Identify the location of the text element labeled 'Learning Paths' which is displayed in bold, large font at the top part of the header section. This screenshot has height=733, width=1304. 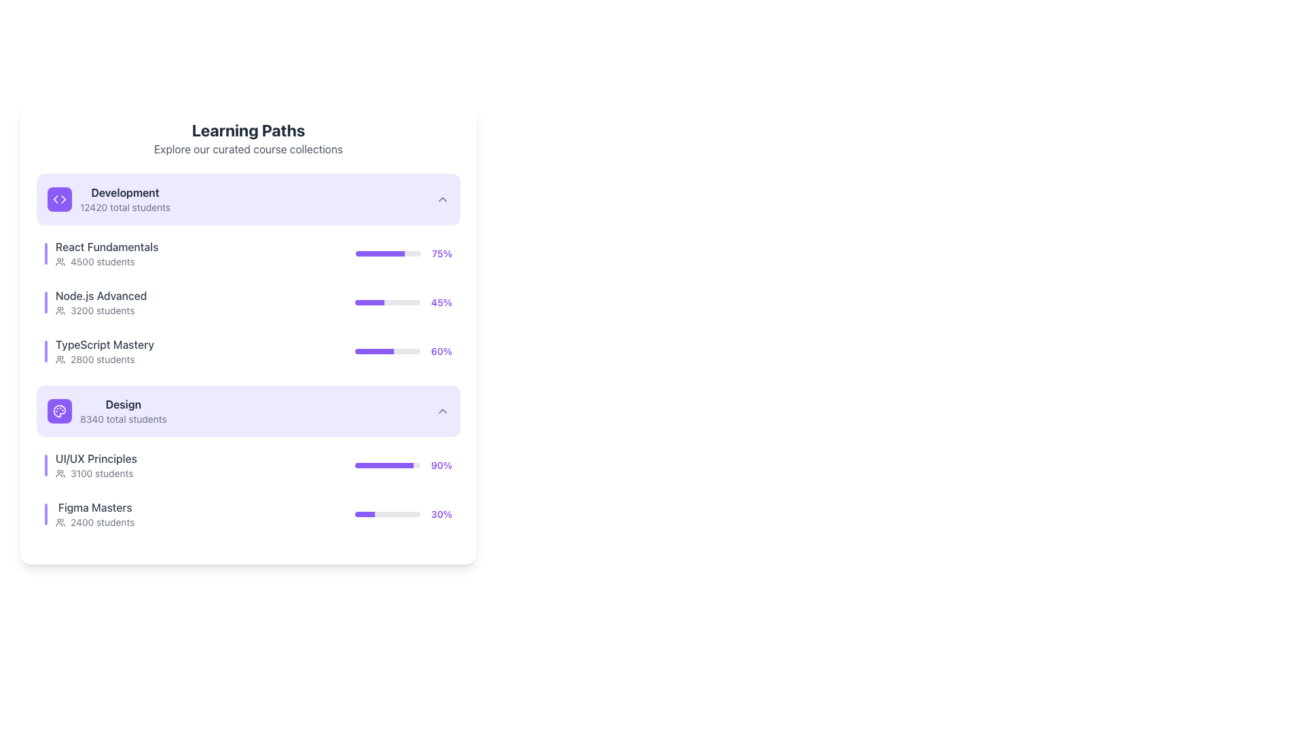
(248, 130).